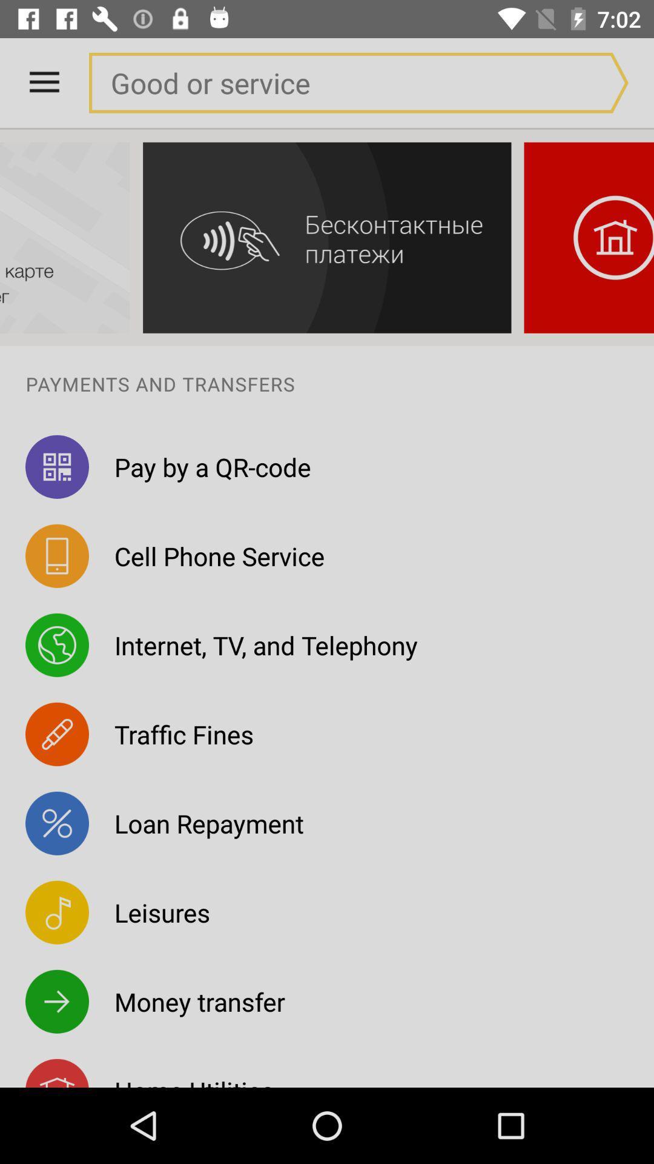 This screenshot has width=654, height=1164. Describe the element at coordinates (334, 82) in the screenshot. I see `type in good or service` at that location.